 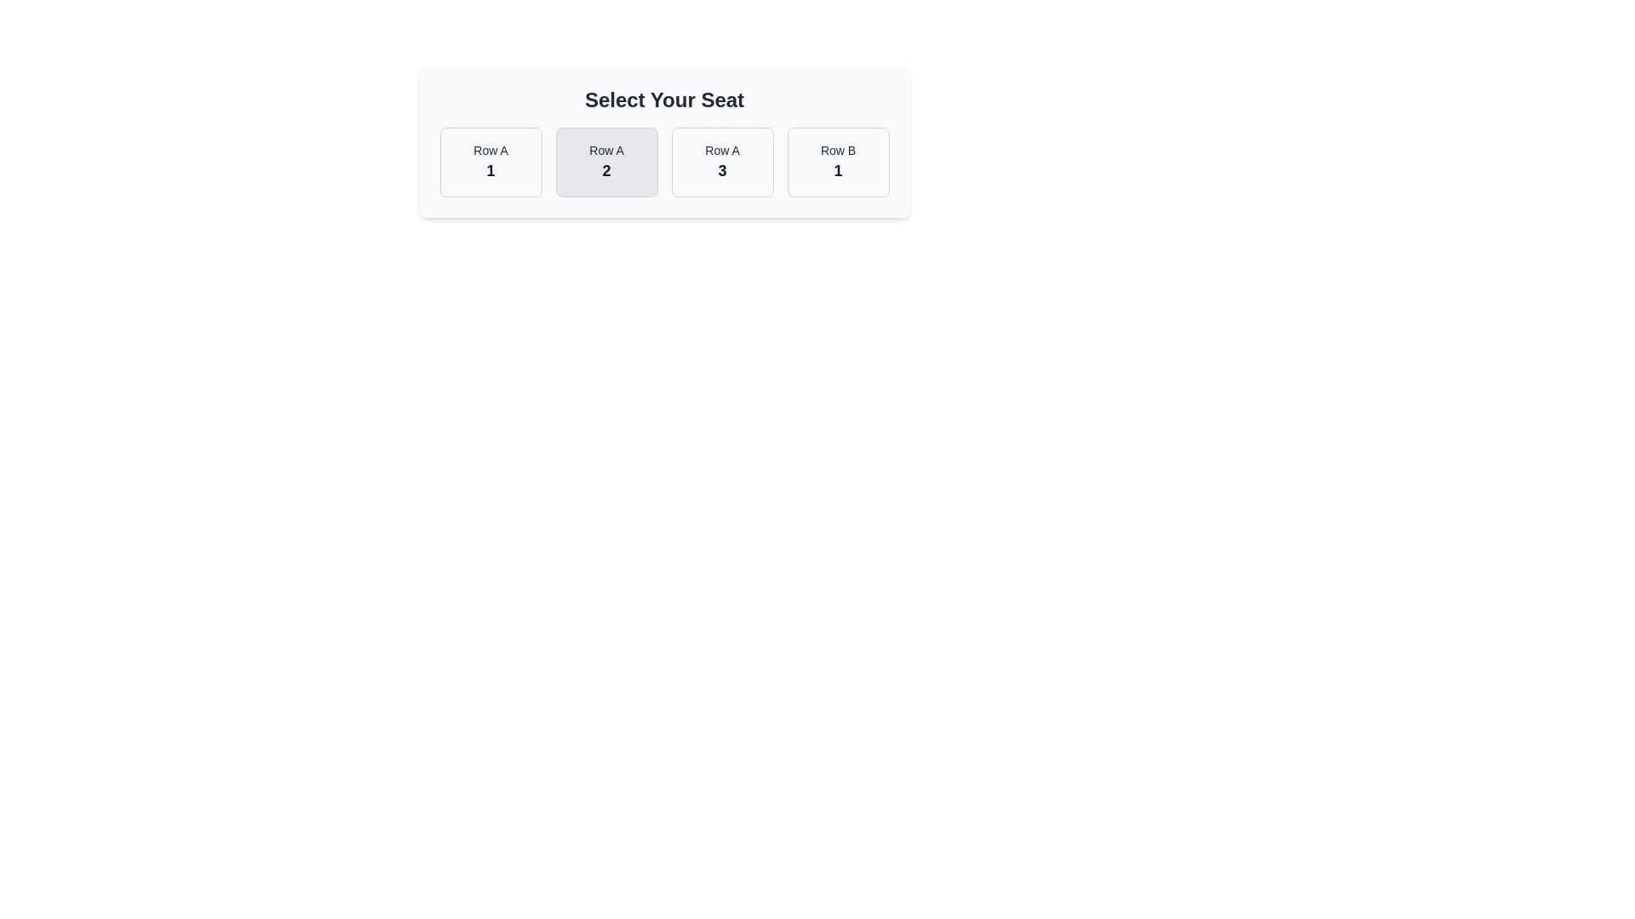 I want to click on the card UI element representing 'Row A Seat 2', which is the second card in a grid of selectable options, so click(x=606, y=163).